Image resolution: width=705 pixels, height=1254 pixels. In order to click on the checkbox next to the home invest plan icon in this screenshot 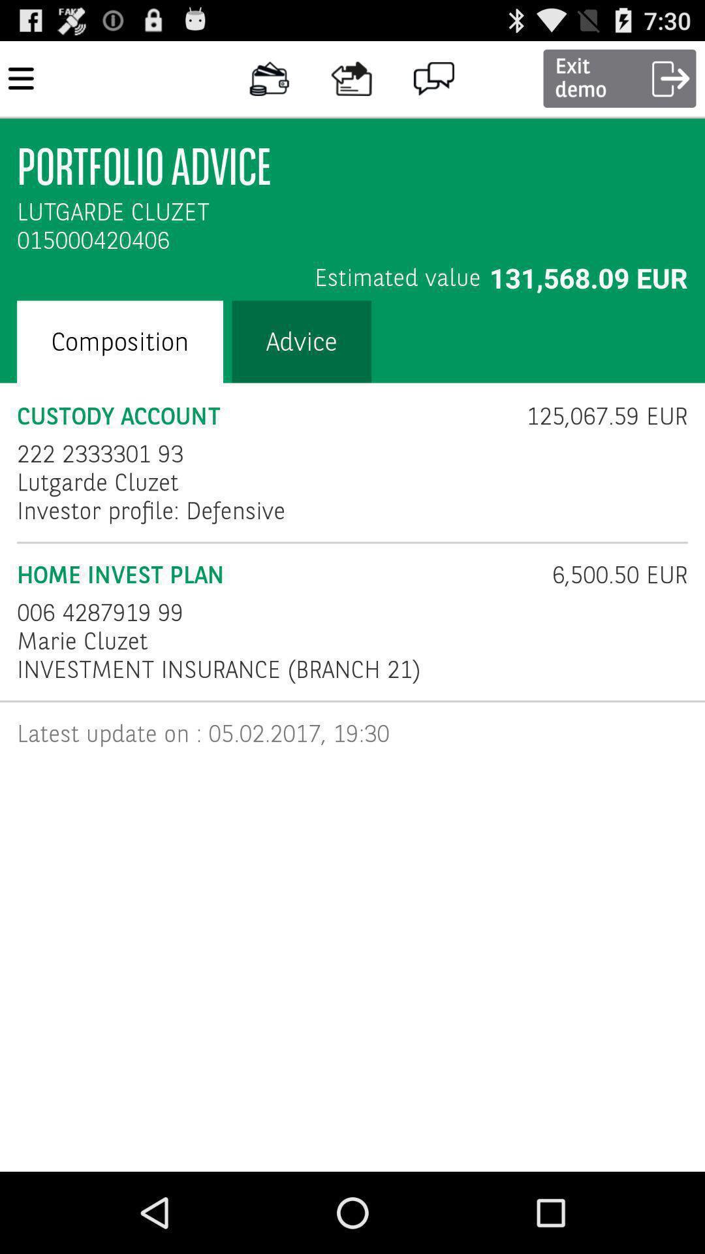, I will do `click(611, 575)`.